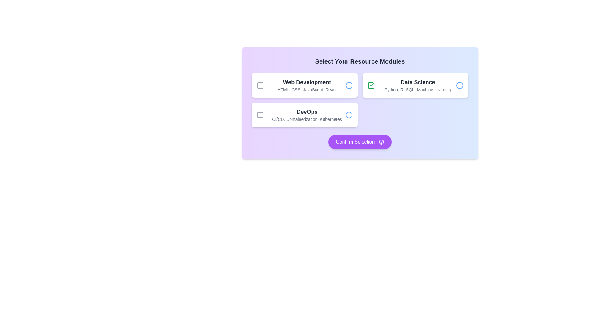 This screenshot has width=591, height=332. I want to click on the Checkbox-indicator component within the 'DevOps, CI/CD, Containerization, Kubernetes' box, so click(260, 115).